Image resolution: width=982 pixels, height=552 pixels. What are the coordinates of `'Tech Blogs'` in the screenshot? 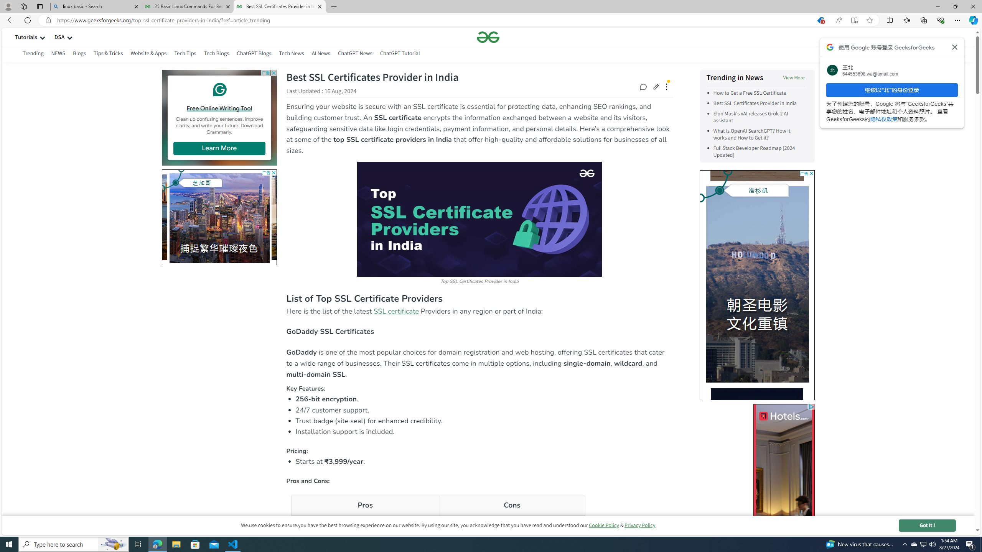 It's located at (216, 54).